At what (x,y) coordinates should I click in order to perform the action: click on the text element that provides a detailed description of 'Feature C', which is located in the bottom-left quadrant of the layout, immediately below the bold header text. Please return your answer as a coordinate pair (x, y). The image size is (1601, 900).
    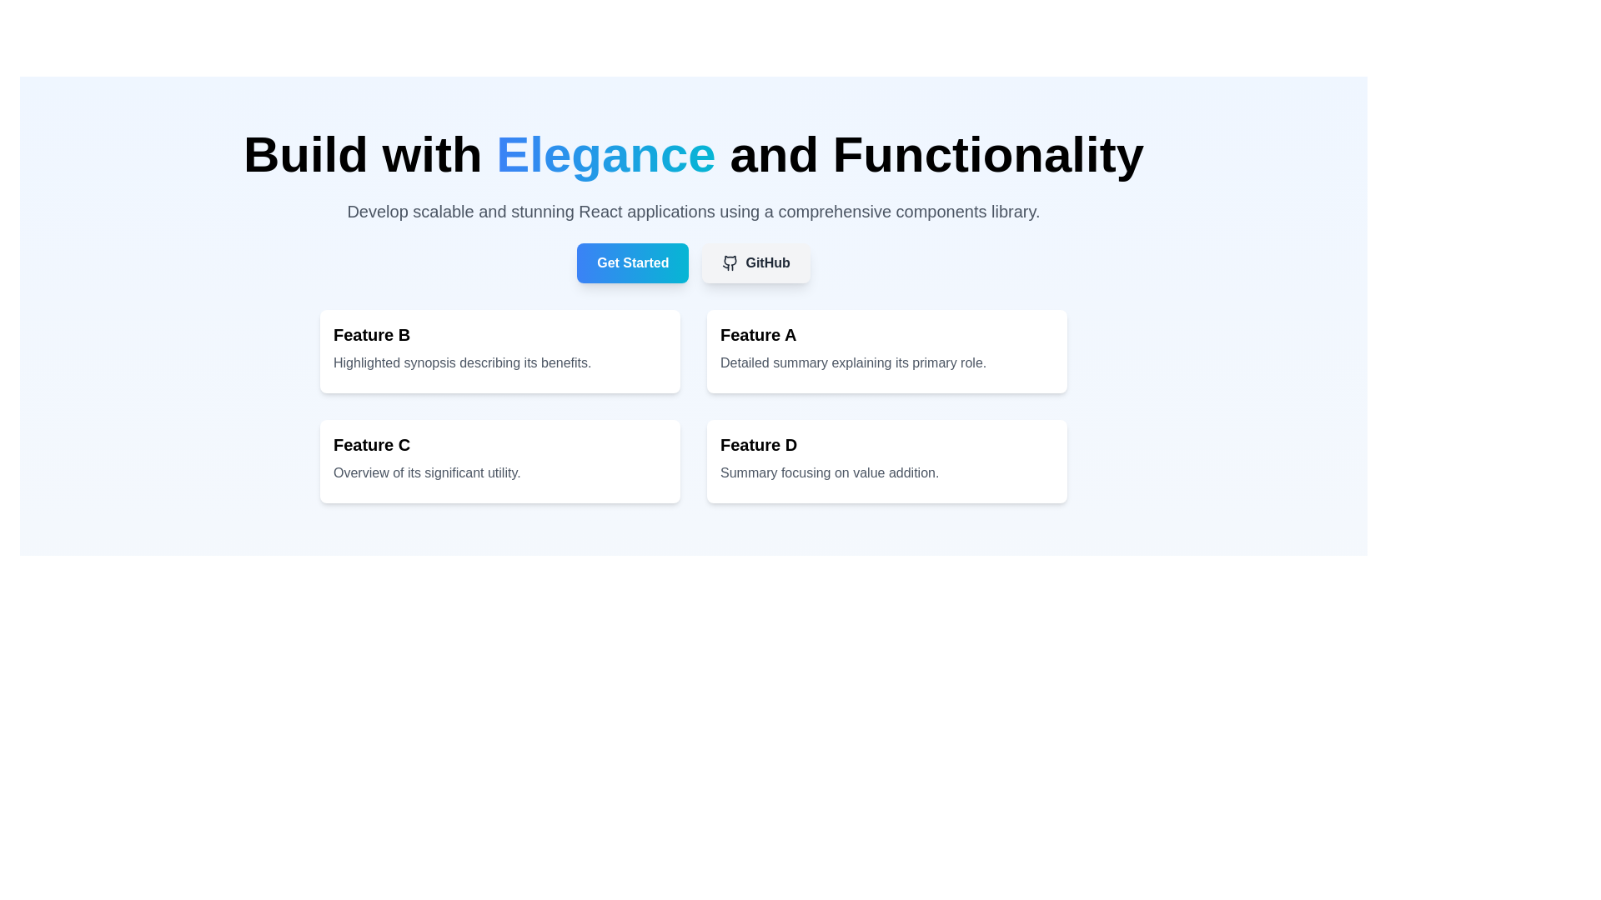
    Looking at the image, I should click on (499, 472).